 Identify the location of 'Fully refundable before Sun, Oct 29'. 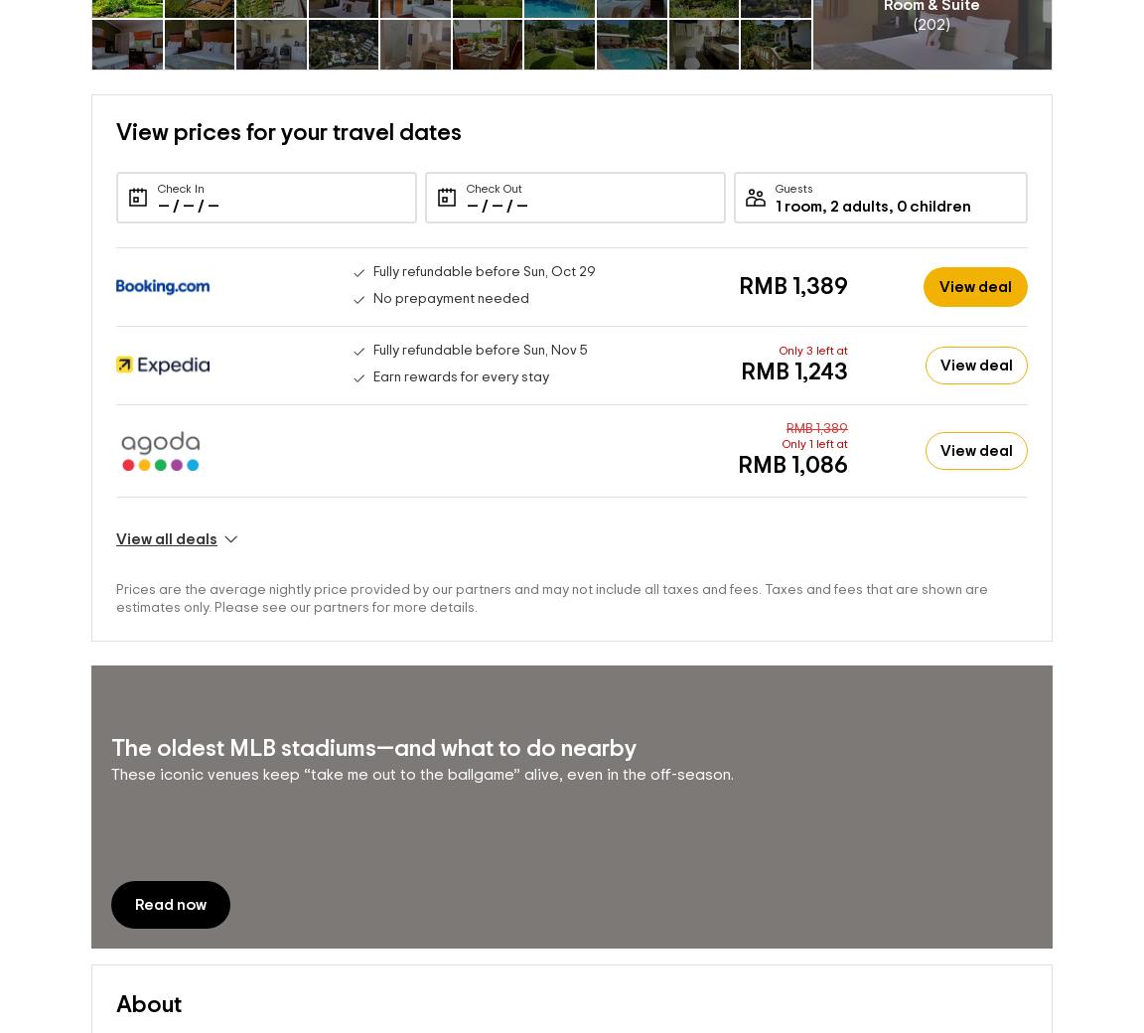
(483, 271).